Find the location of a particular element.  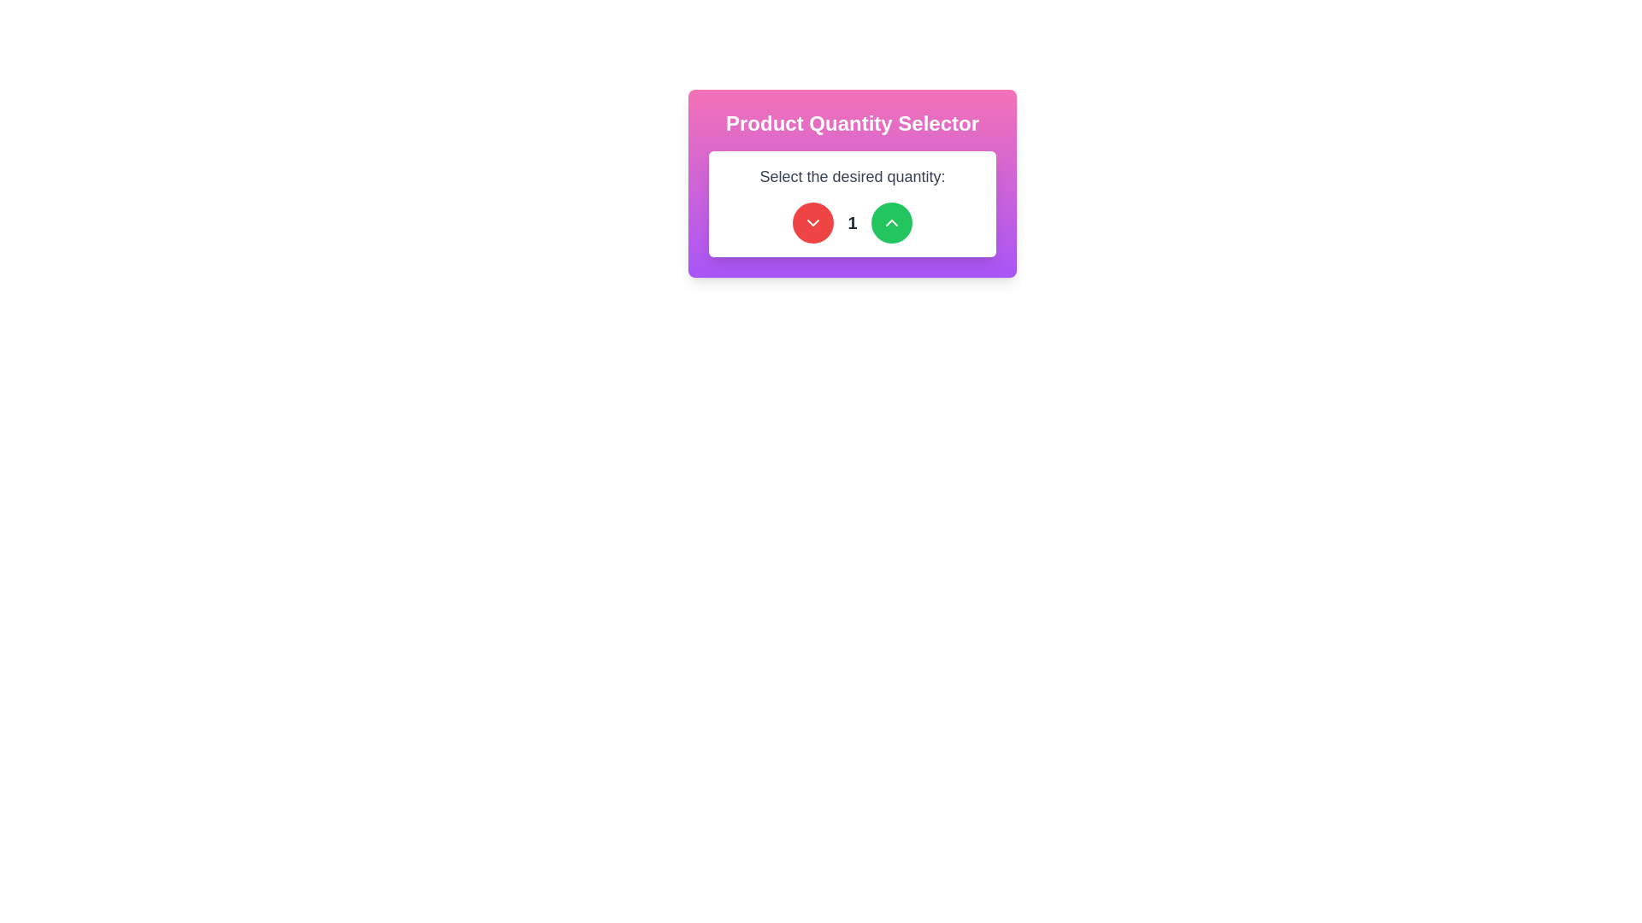

the green circular button with an up arrow to increment the value displayed in the bold numeral '1' next to the red circular button with a down arrow is located at coordinates (853, 222).